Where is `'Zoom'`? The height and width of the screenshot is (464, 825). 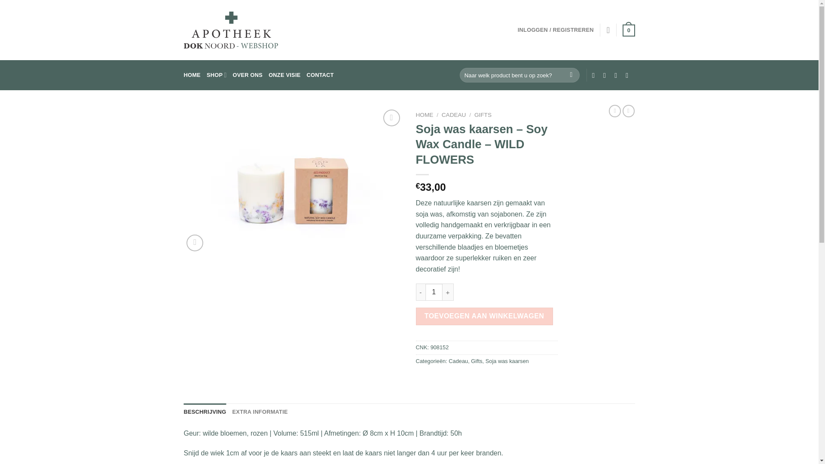 'Zoom' is located at coordinates (194, 243).